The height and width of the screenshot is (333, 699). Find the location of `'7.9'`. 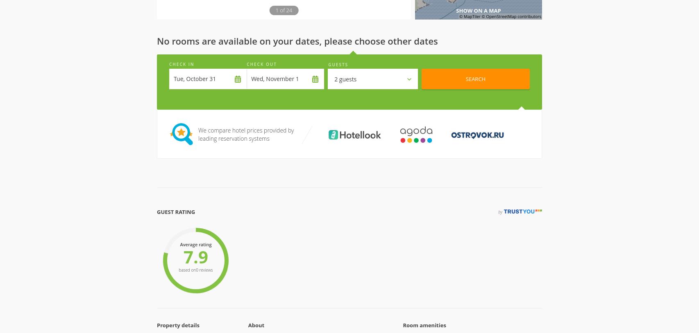

'7.9' is located at coordinates (195, 88).